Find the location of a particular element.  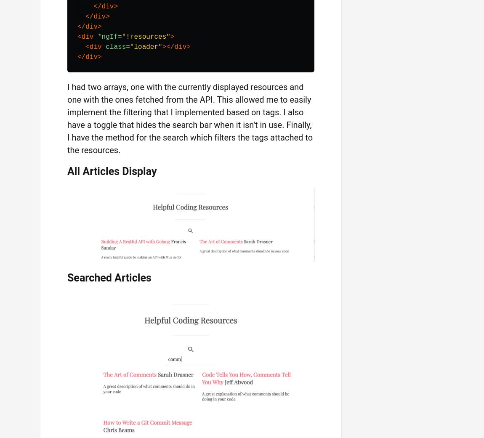

'></div>' is located at coordinates (176, 46).